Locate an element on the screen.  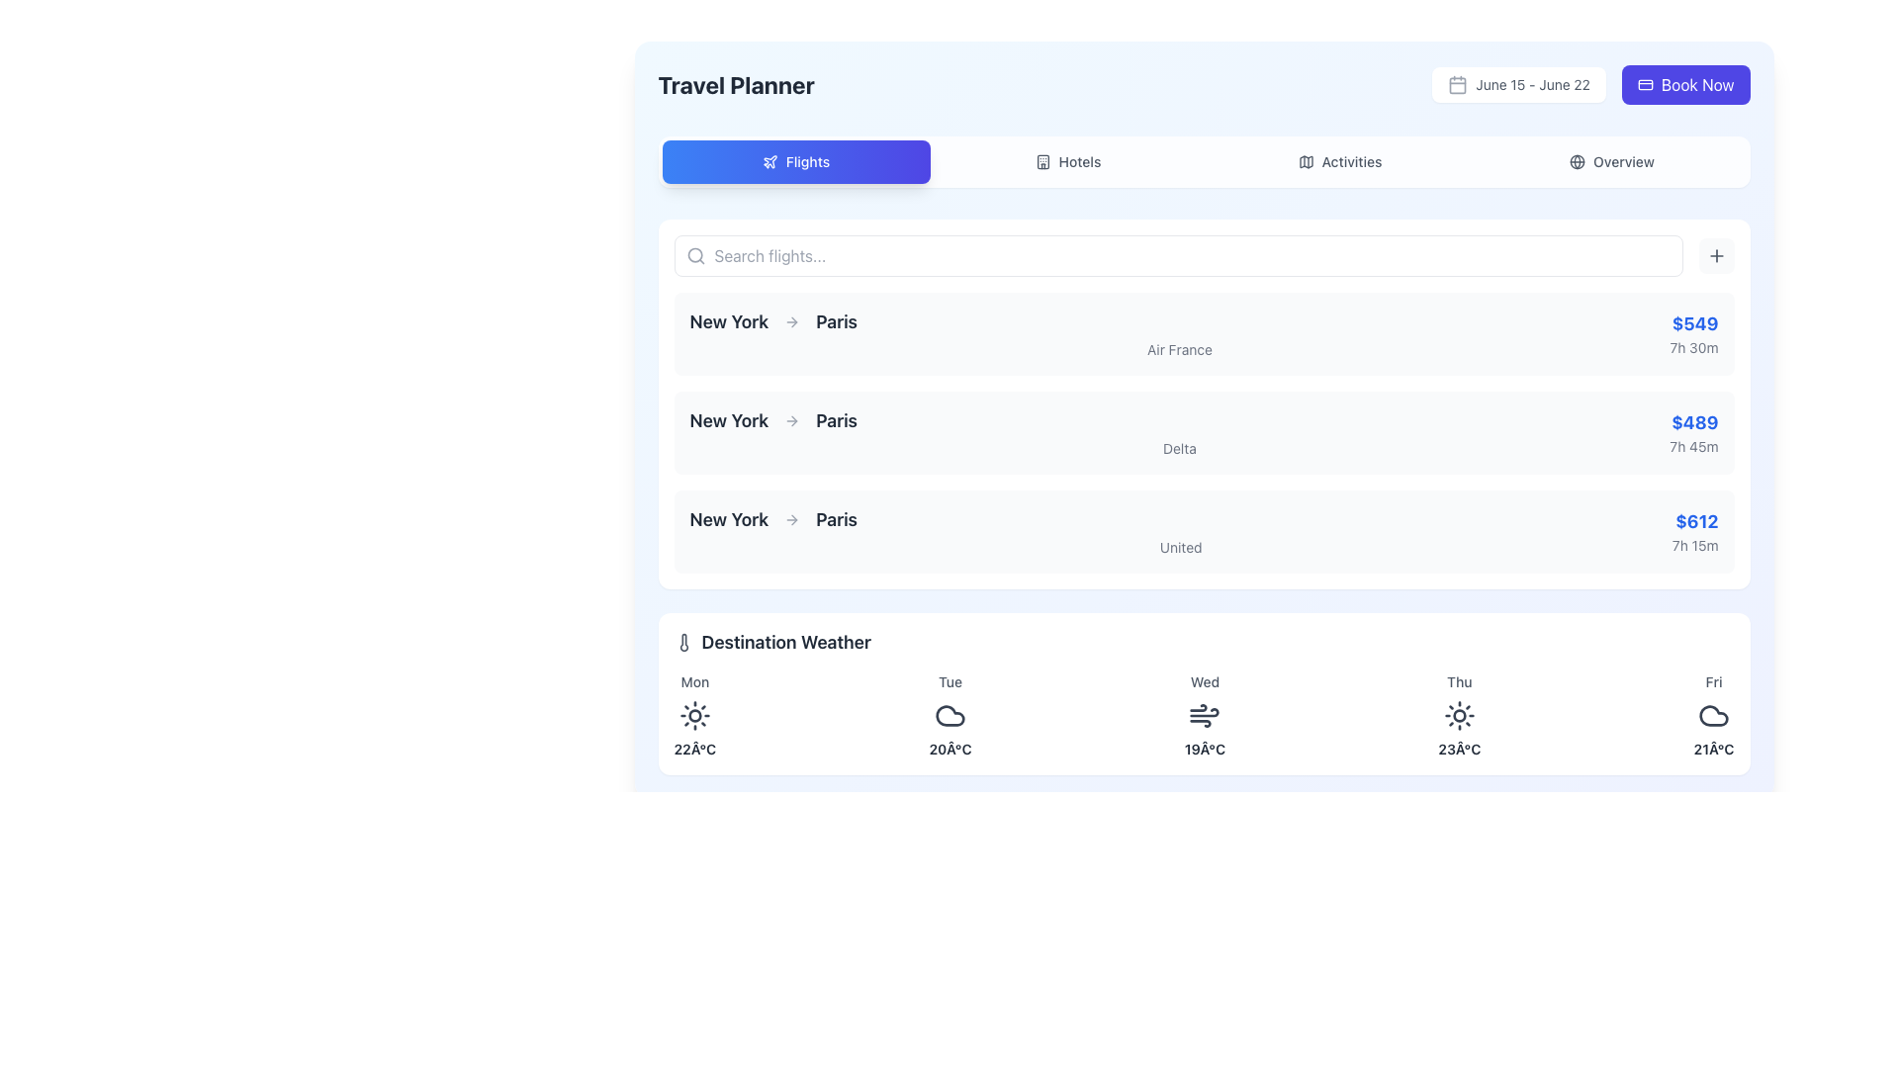
the 'Flights' button located at the top-left section of the menu bar is located at coordinates (796, 161).